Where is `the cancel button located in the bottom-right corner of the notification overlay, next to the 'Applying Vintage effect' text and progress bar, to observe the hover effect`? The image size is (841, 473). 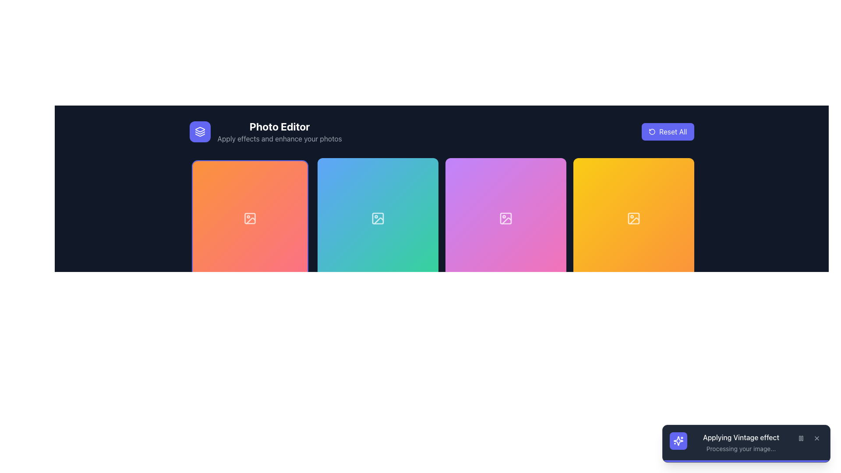 the cancel button located in the bottom-right corner of the notification overlay, next to the 'Applying Vintage effect' text and progress bar, to observe the hover effect is located at coordinates (816, 438).